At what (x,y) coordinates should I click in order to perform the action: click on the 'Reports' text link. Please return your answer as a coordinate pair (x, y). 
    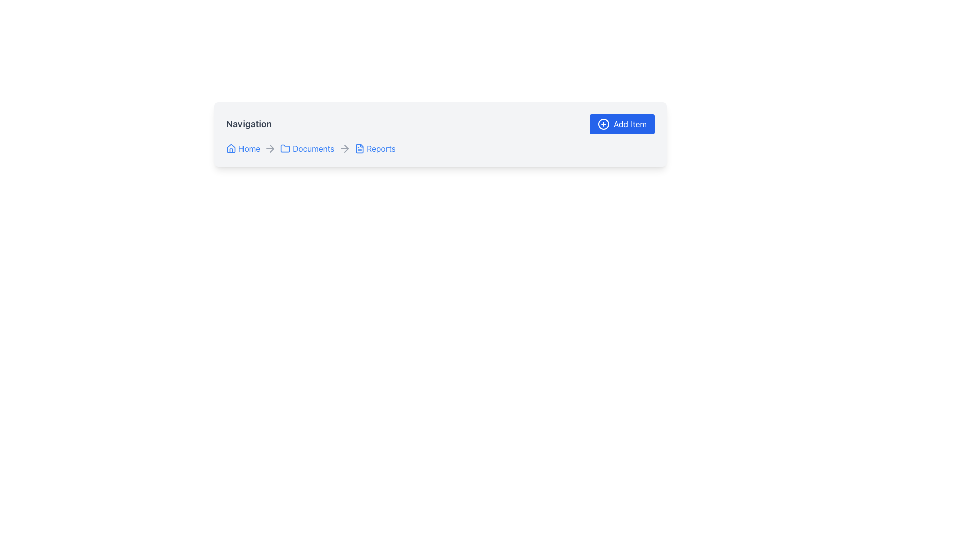
    Looking at the image, I should click on (380, 148).